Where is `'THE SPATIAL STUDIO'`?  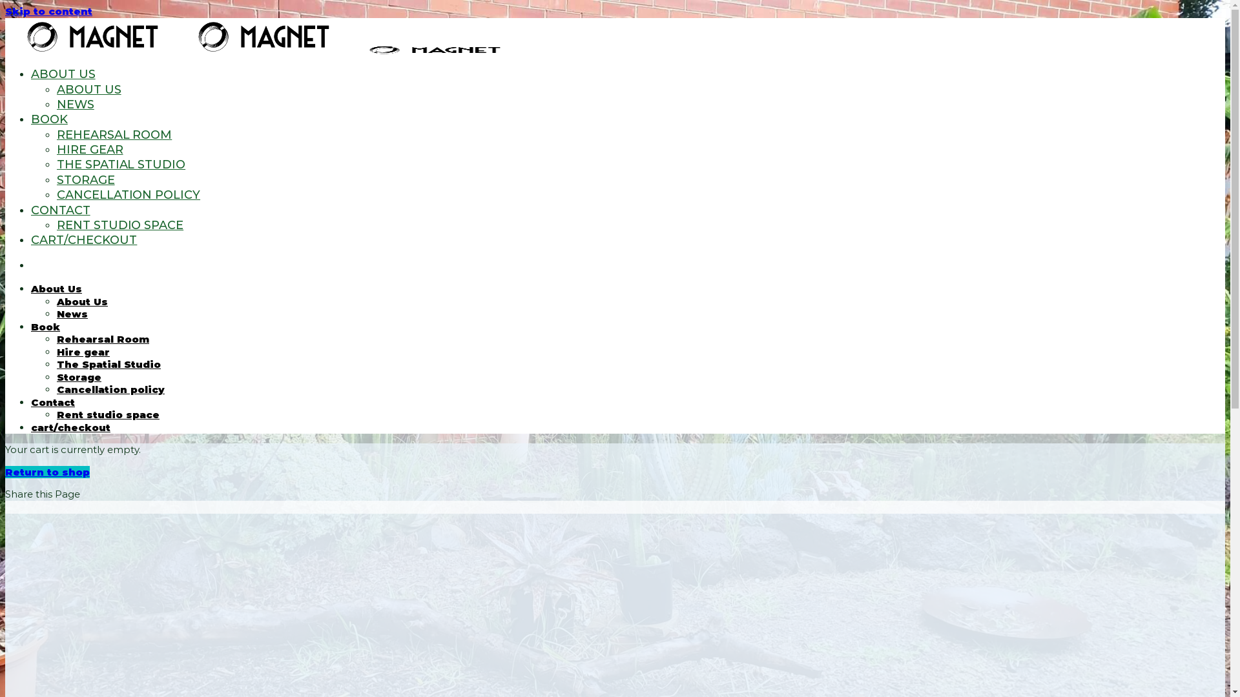 'THE SPATIAL STUDIO' is located at coordinates (56, 163).